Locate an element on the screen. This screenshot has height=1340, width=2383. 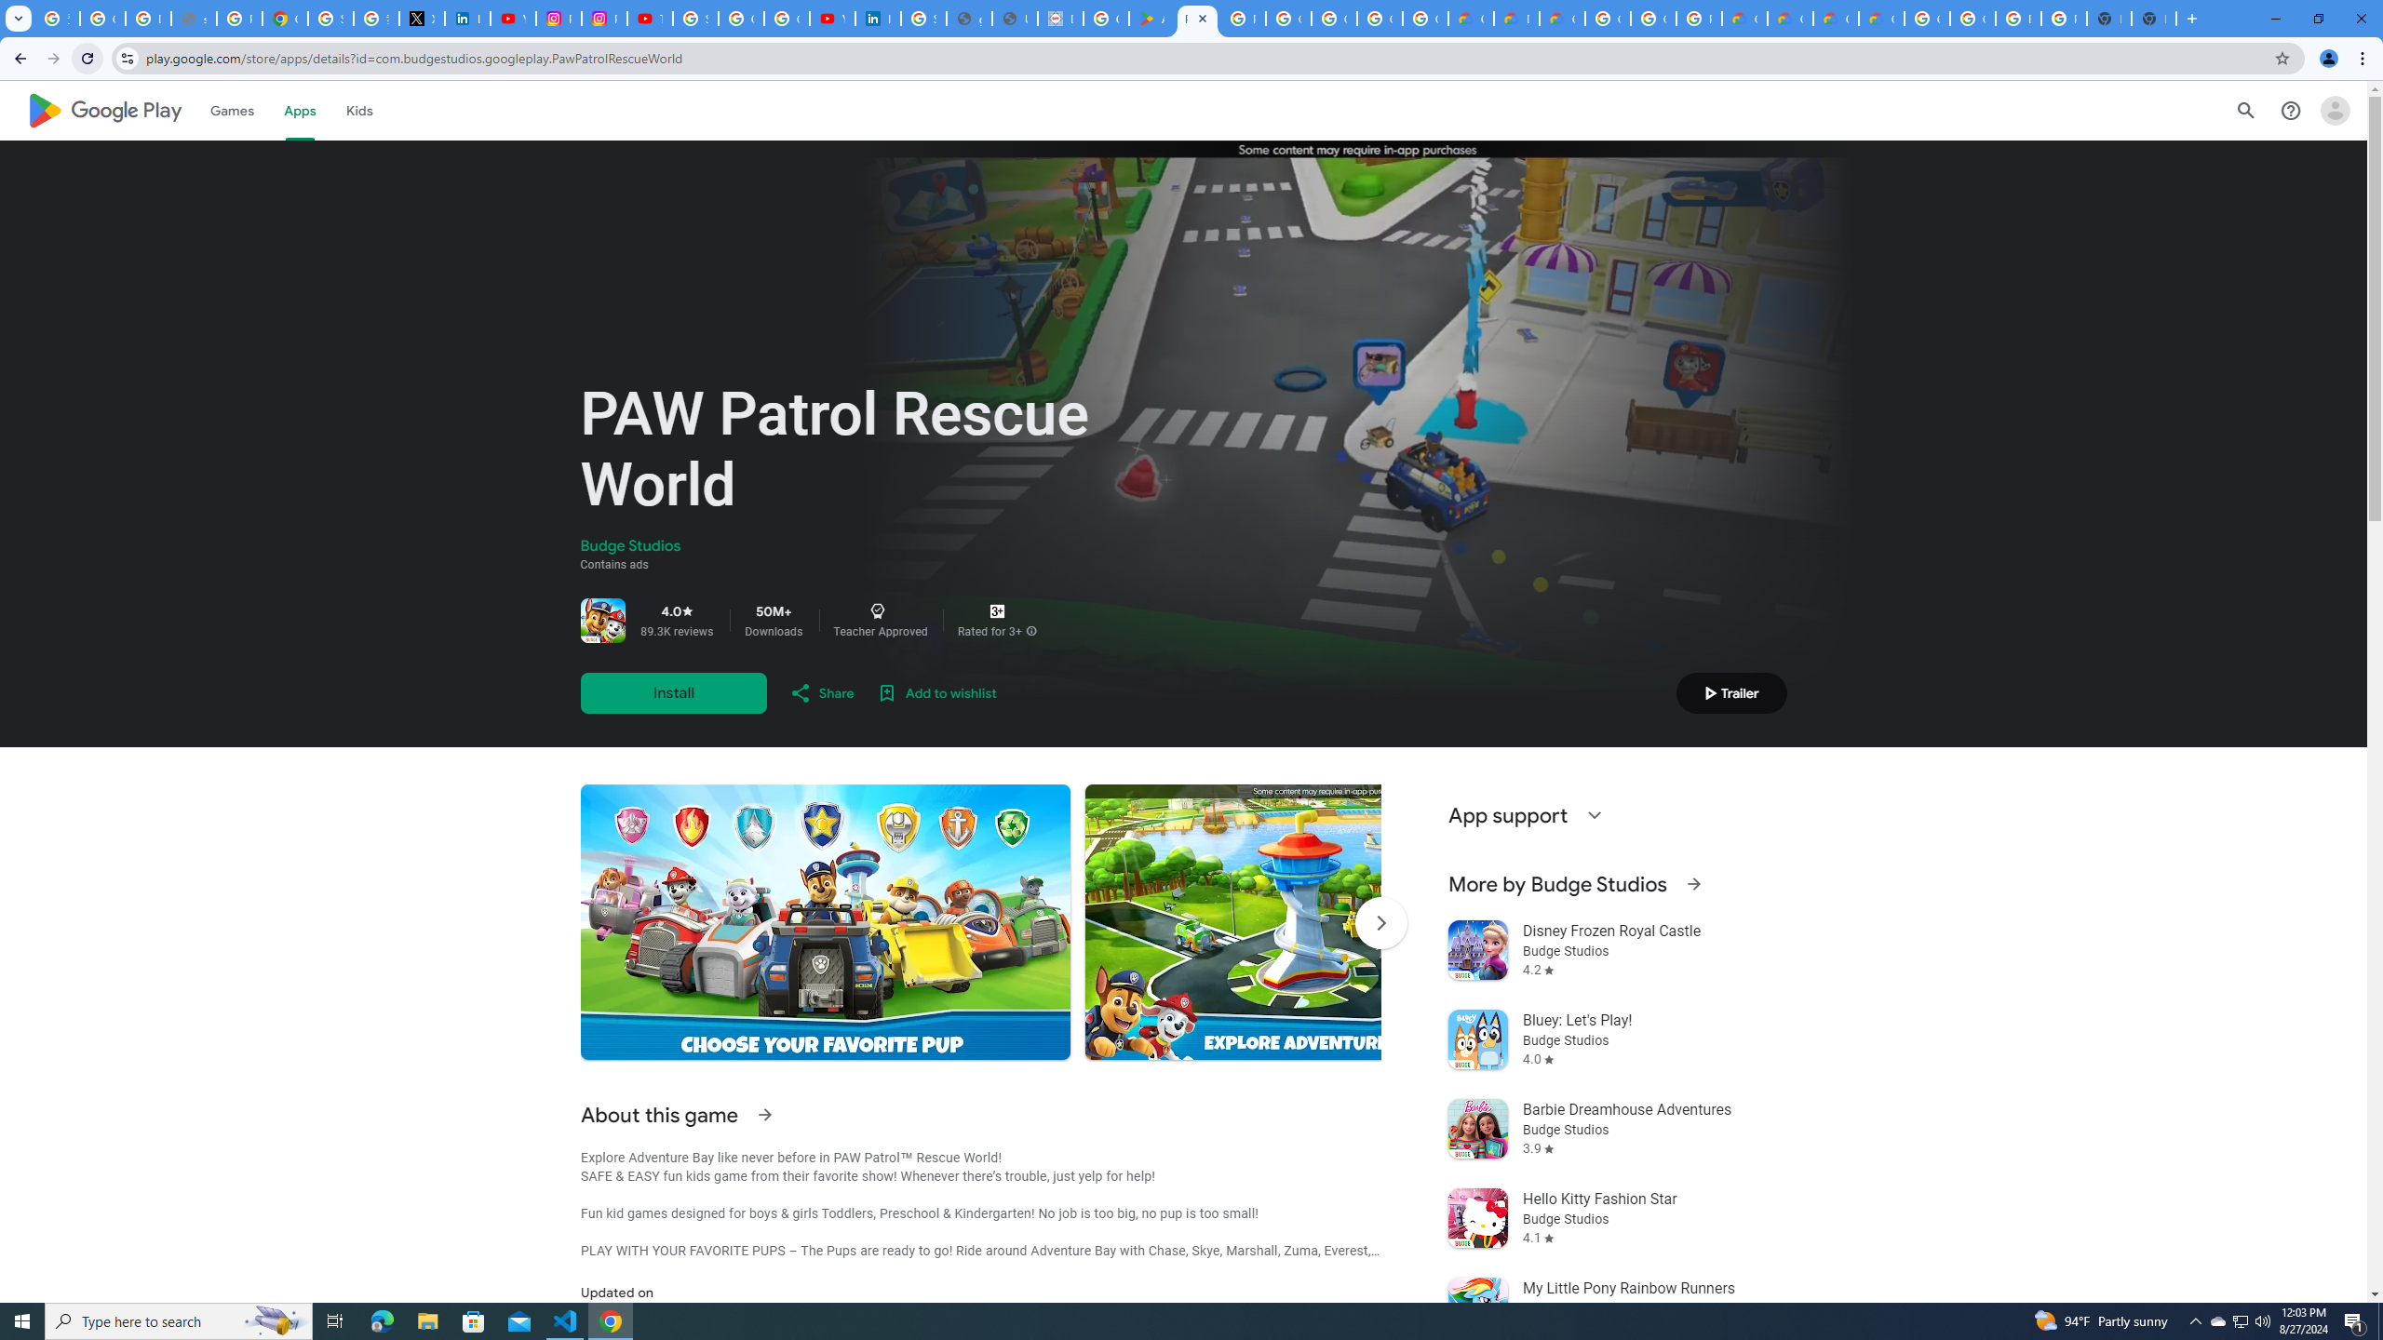
'PAW Patrol Rescue World - Apps on Google Play' is located at coordinates (1196, 18).